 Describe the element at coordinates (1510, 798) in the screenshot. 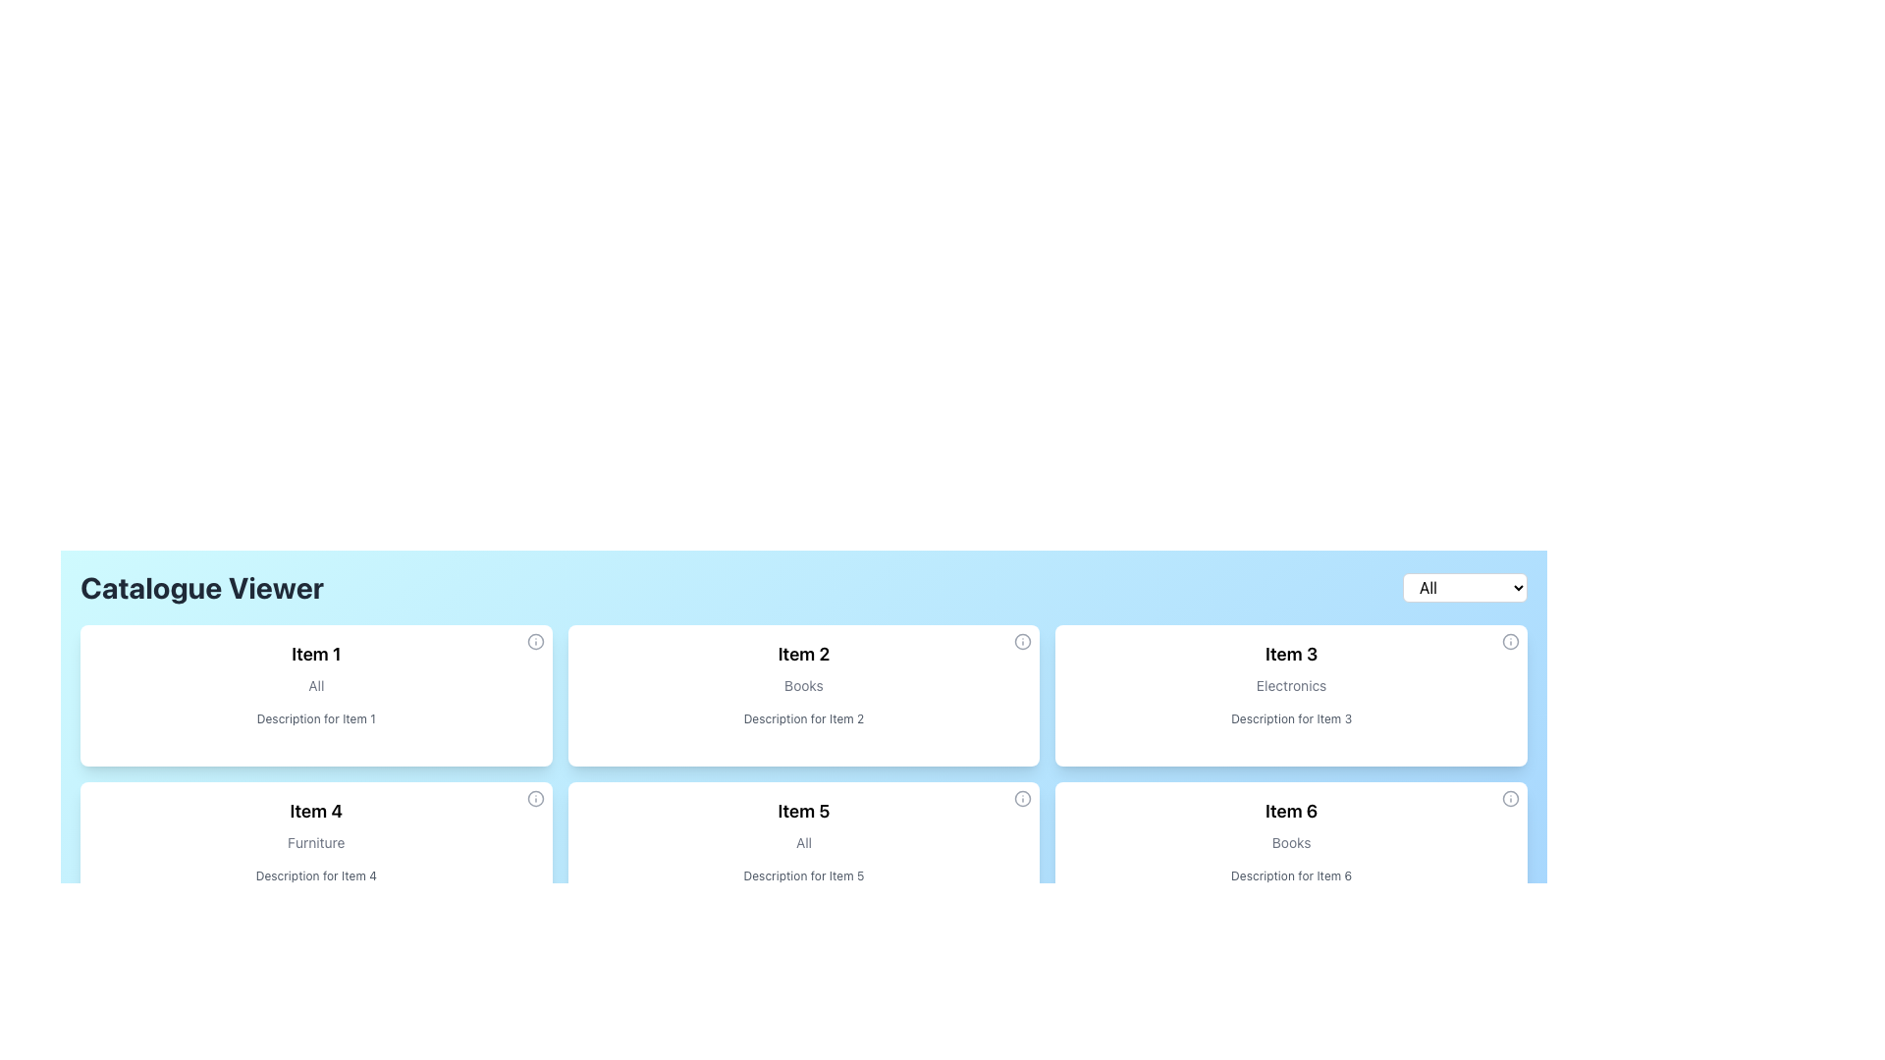

I see `the circular icon button in the top-right corner of the 'Item 6' card` at that location.